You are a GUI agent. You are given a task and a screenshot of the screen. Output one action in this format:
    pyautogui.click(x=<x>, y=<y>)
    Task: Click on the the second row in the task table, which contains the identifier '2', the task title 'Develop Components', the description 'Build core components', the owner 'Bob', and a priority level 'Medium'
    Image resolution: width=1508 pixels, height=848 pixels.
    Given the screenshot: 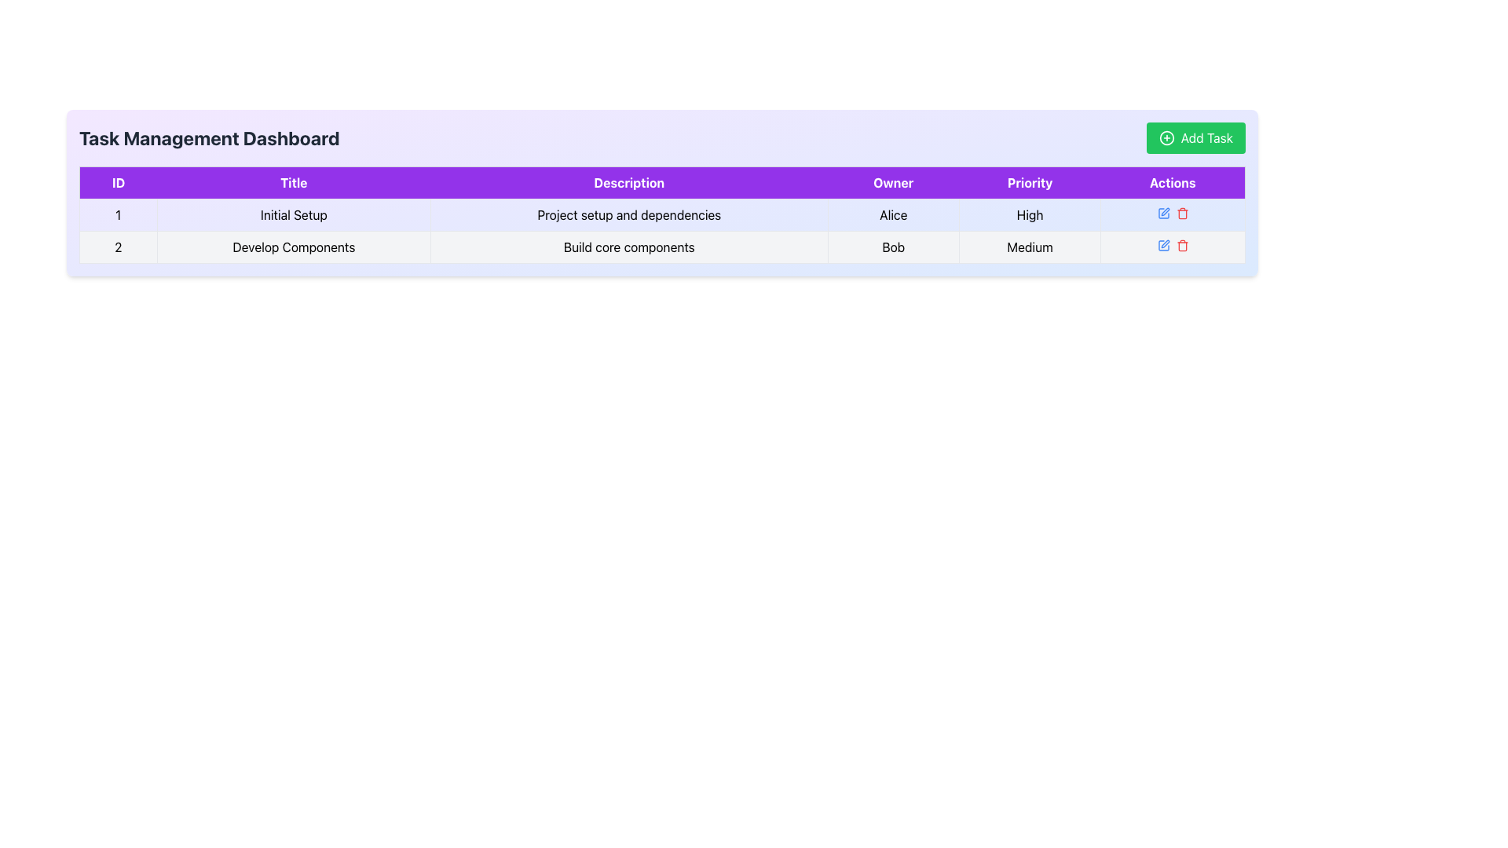 What is the action you would take?
    pyautogui.click(x=662, y=247)
    